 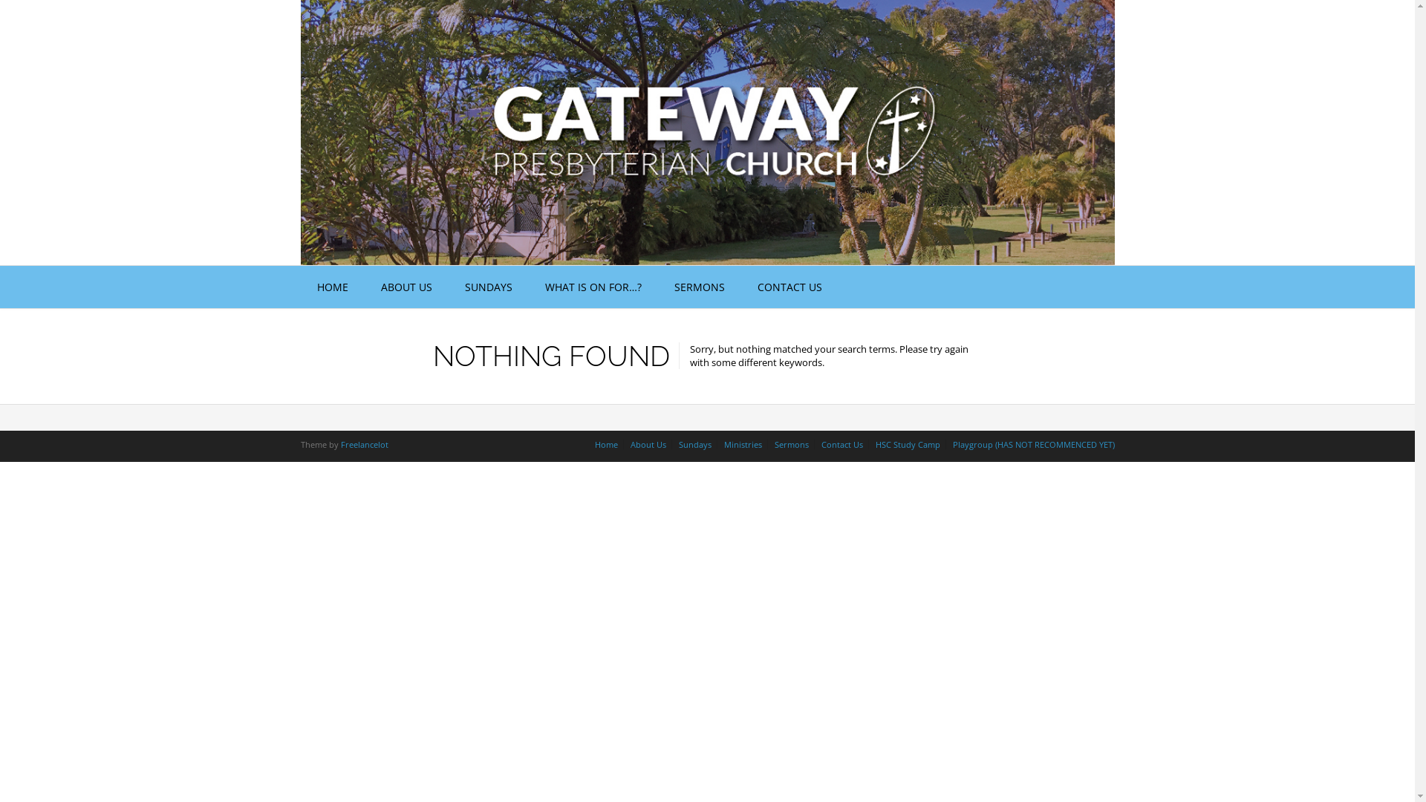 What do you see at coordinates (743, 443) in the screenshot?
I see `'Ministries'` at bounding box center [743, 443].